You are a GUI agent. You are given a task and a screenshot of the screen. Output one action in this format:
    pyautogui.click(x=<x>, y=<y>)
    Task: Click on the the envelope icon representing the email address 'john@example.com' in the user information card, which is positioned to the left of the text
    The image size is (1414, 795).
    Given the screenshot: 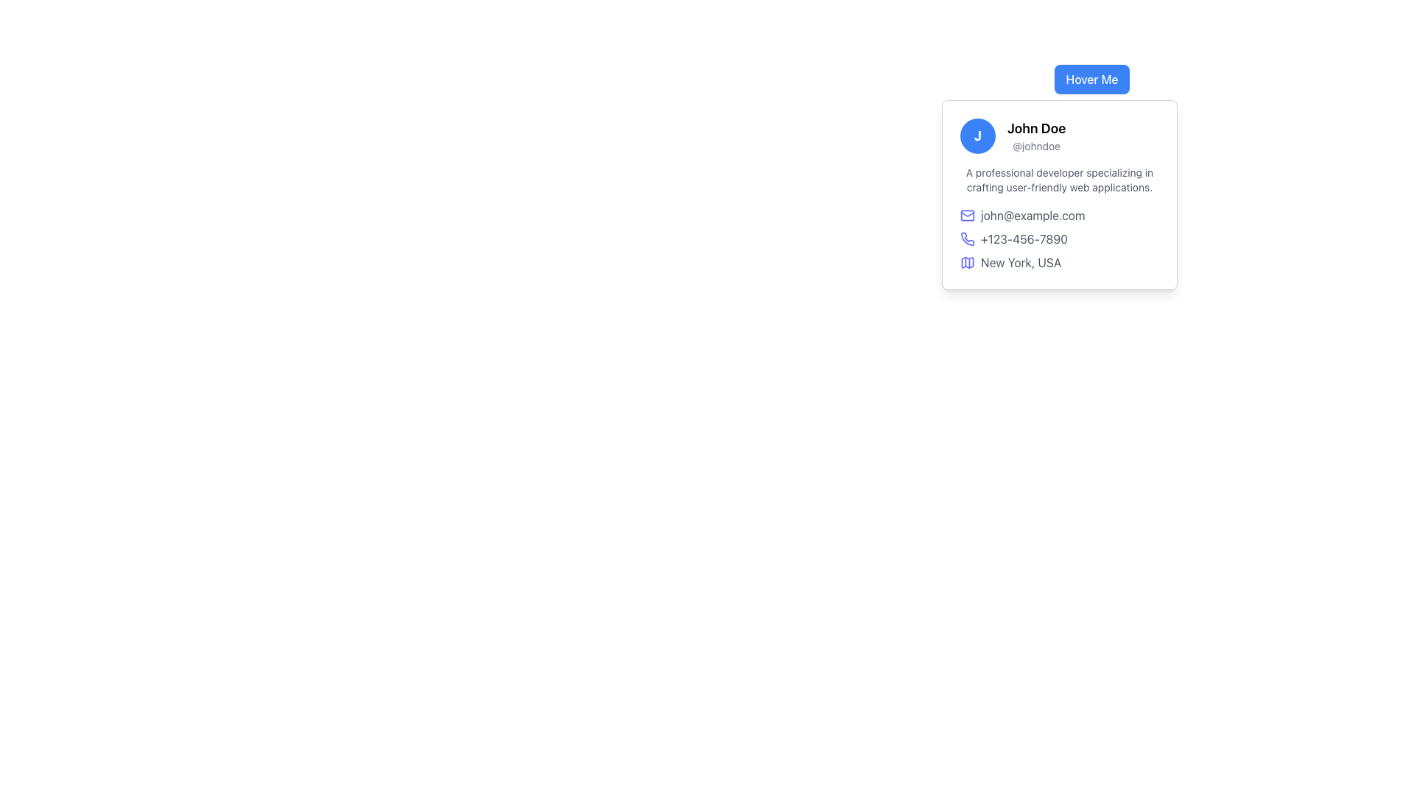 What is the action you would take?
    pyautogui.click(x=968, y=216)
    